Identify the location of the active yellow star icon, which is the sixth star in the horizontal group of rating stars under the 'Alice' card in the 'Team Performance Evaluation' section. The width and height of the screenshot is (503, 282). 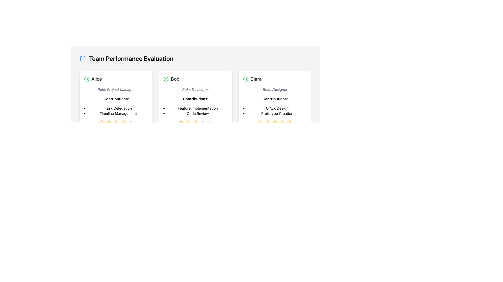
(123, 124).